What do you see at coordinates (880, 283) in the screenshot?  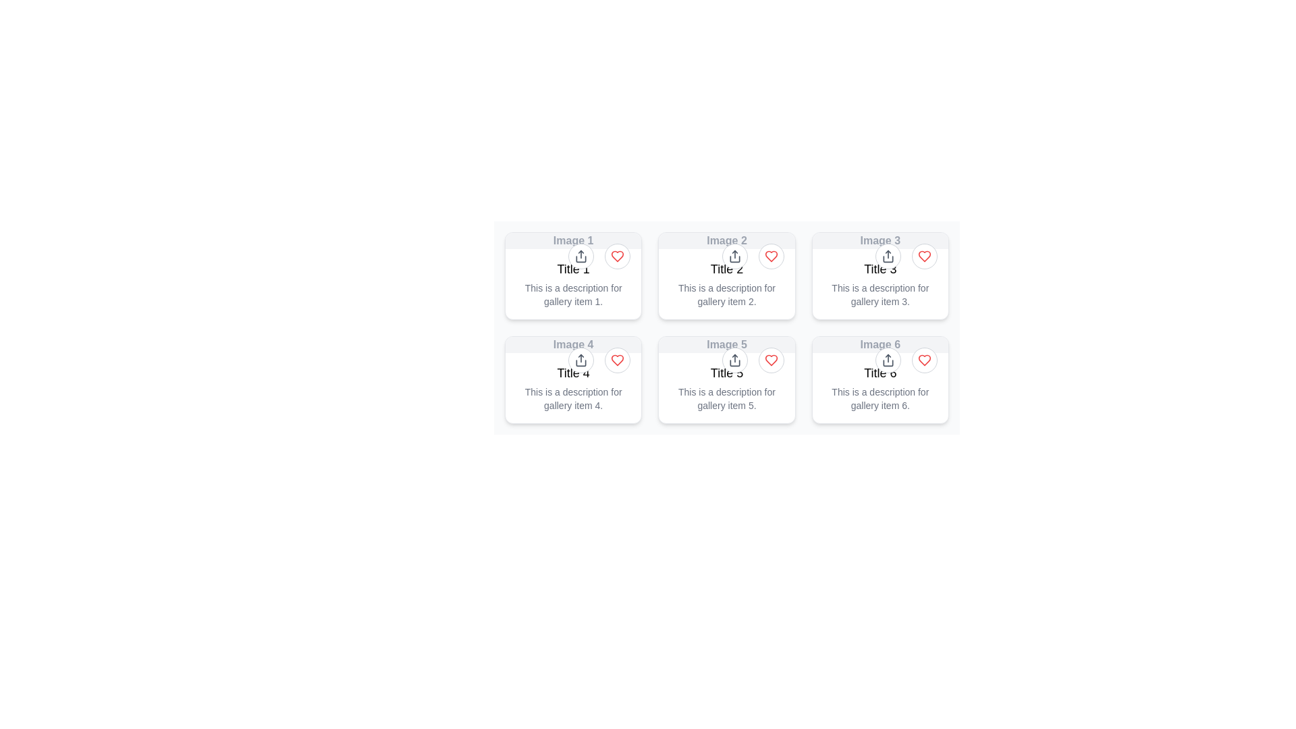 I see `the textual display component that includes the title 'Title 3' and the description 'This is a description for gallery item 3', located in the third item of a grid-like gallery layout` at bounding box center [880, 283].